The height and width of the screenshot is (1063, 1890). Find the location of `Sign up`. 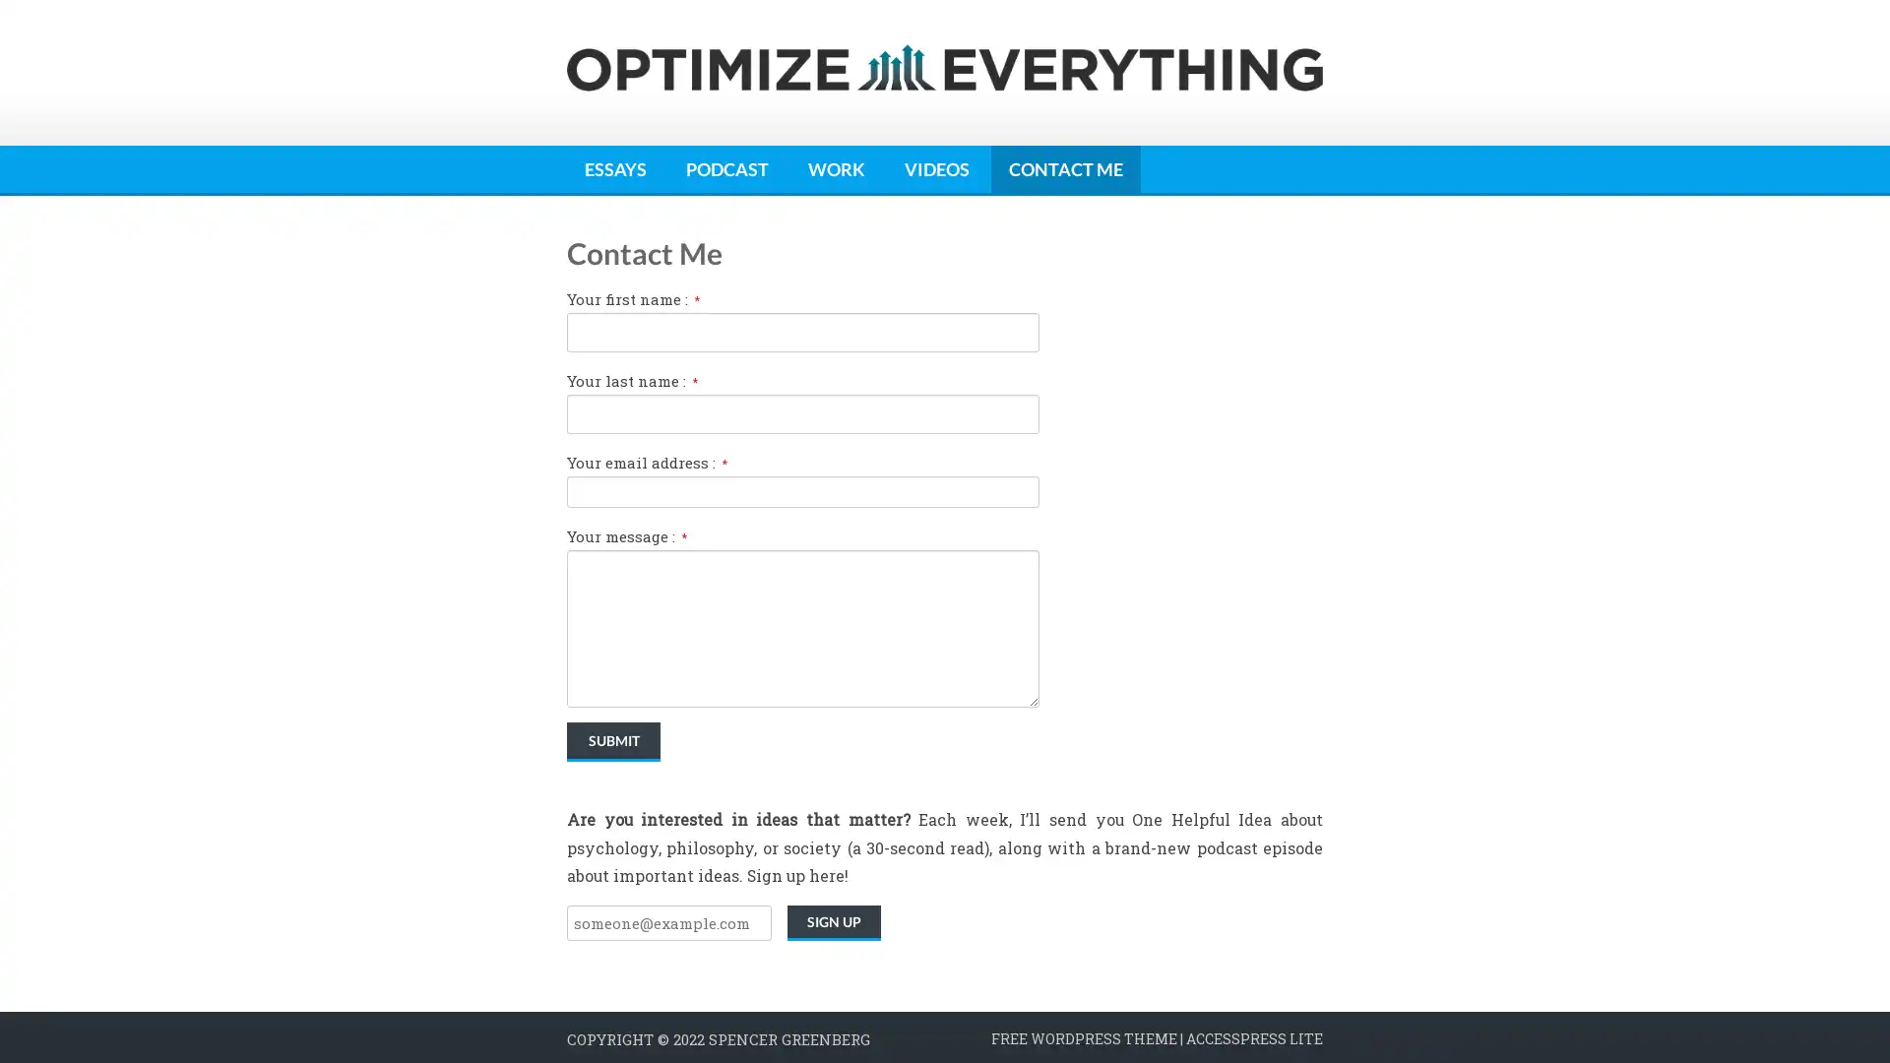

Sign up is located at coordinates (834, 922).